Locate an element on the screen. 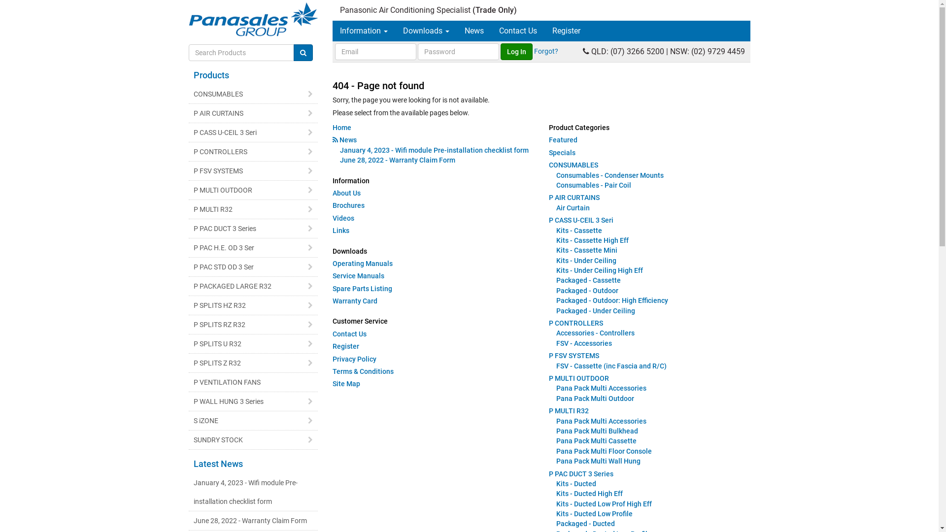 The image size is (946, 532). 'P PAC H.E. OD 3 Ser' is located at coordinates (253, 247).